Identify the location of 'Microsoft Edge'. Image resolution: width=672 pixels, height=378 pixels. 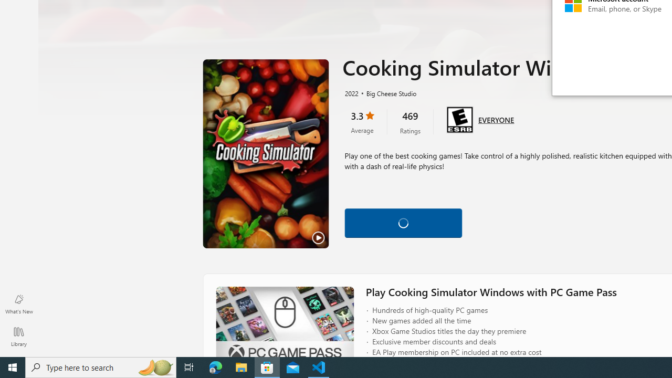
(215, 366).